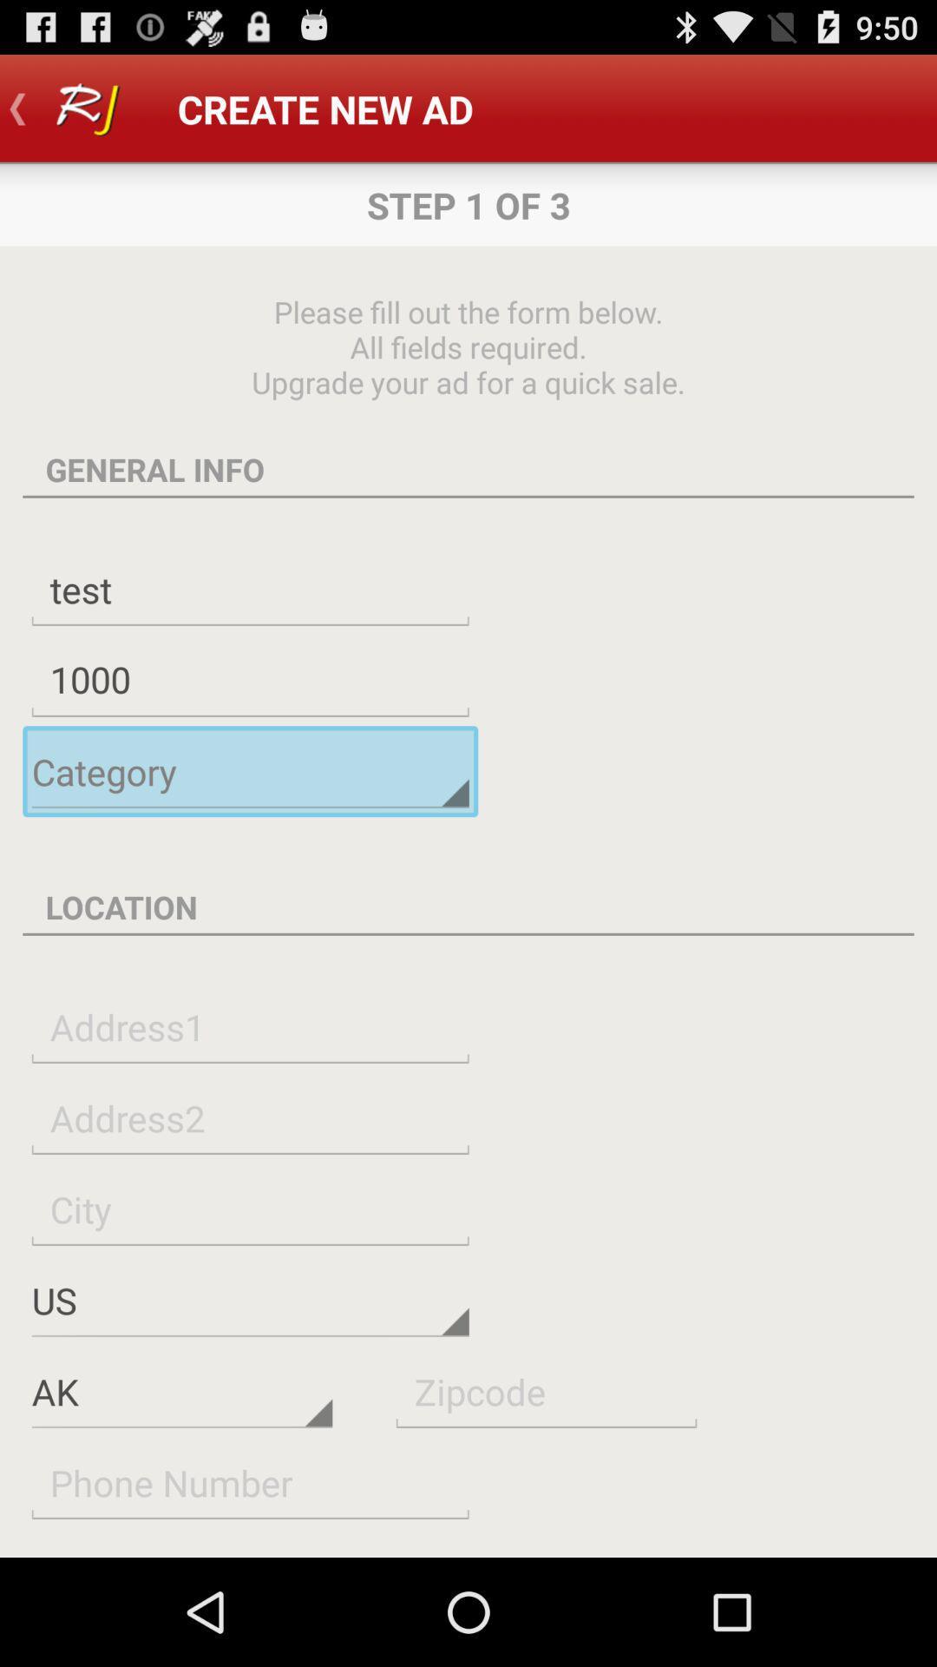 The width and height of the screenshot is (937, 1667). What do you see at coordinates (545, 1391) in the screenshot?
I see `type zipcode` at bounding box center [545, 1391].